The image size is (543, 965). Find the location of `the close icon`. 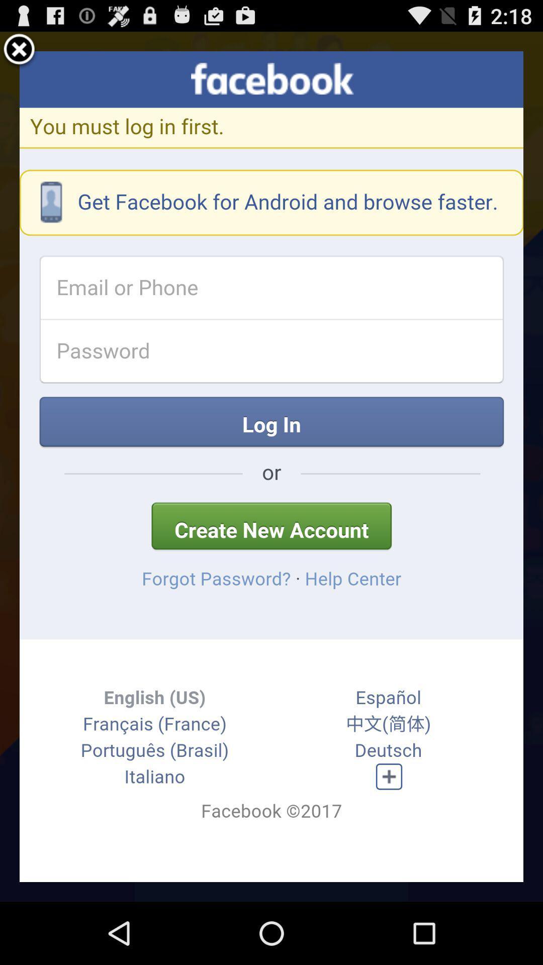

the close icon is located at coordinates (19, 54).